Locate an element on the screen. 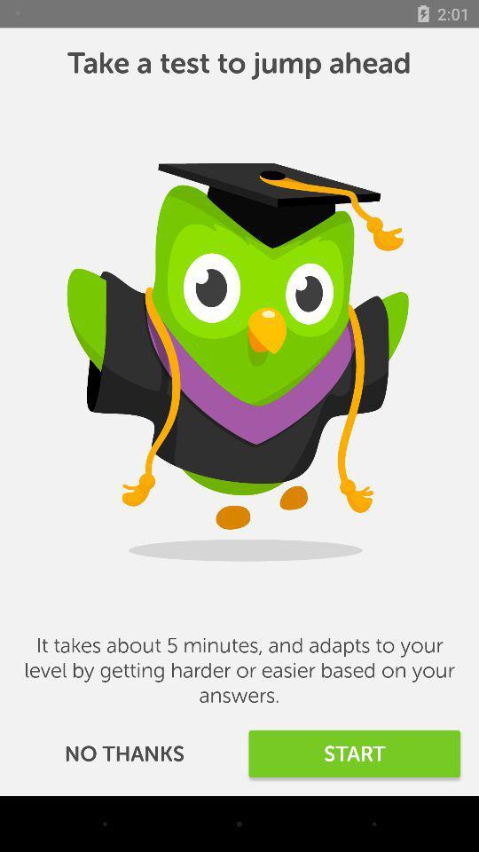  item below the it takes about is located at coordinates (354, 753).